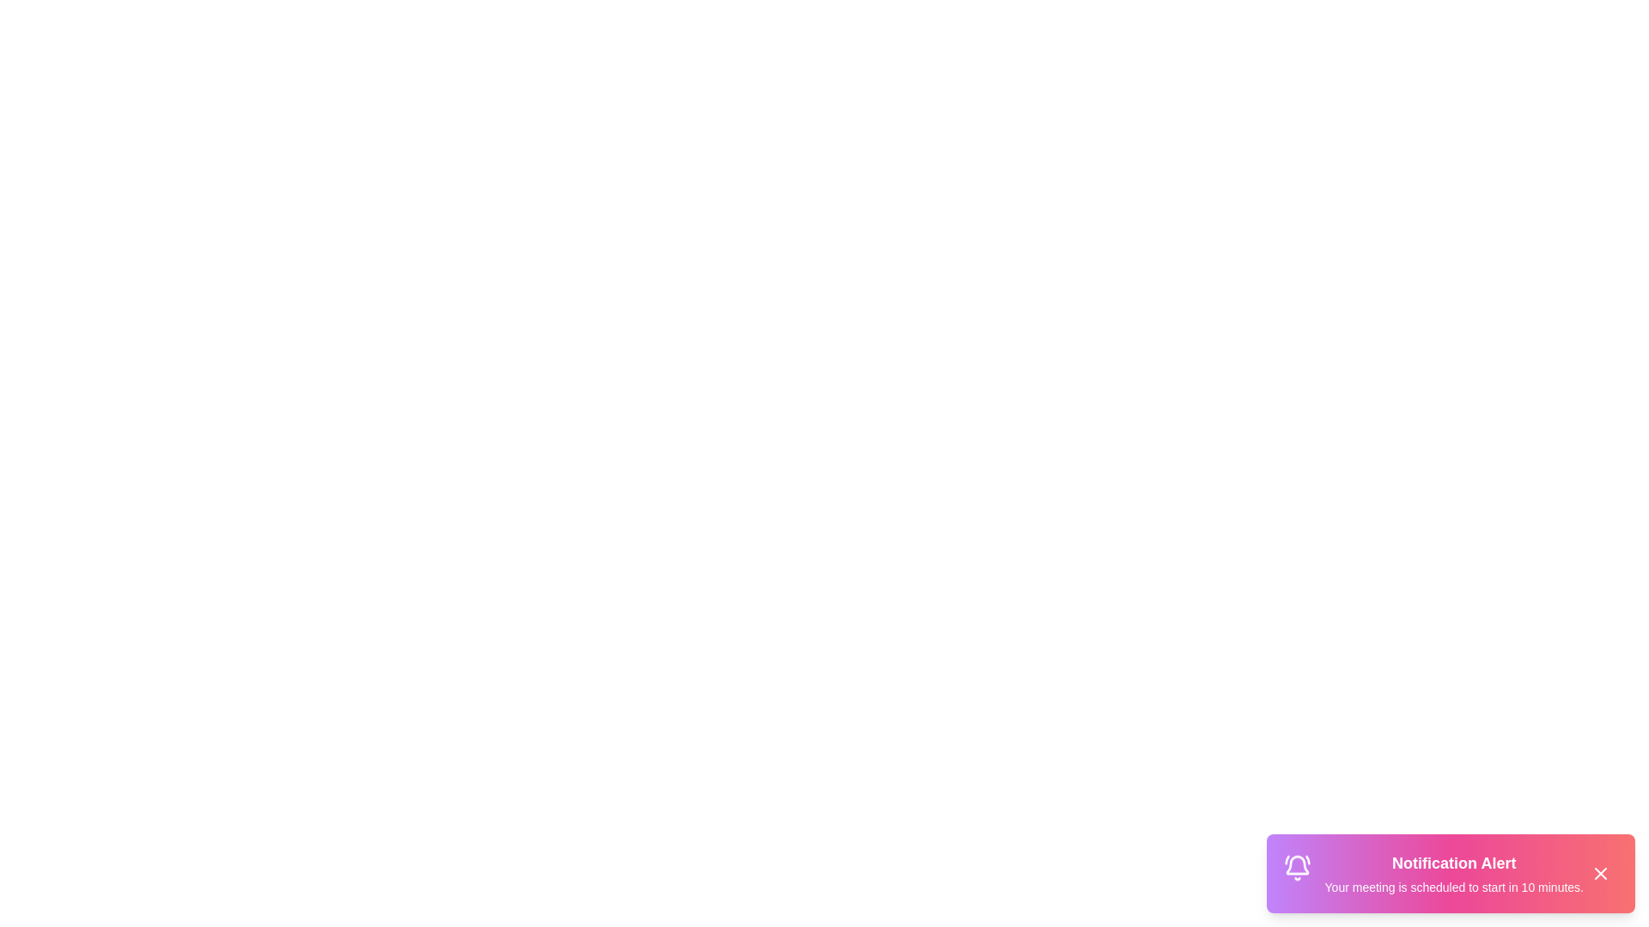 This screenshot has height=927, width=1649. I want to click on close button to dismiss the notification, so click(1599, 874).